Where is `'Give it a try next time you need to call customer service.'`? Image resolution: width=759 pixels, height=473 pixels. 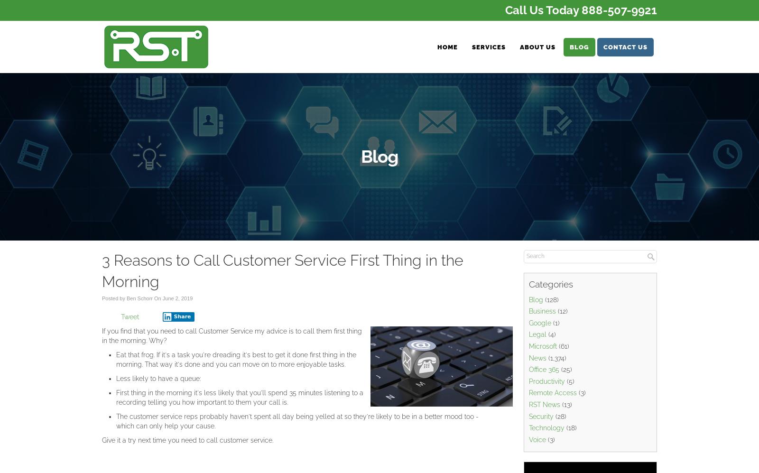 'Give it a try next time you need to call customer service.' is located at coordinates (187, 440).